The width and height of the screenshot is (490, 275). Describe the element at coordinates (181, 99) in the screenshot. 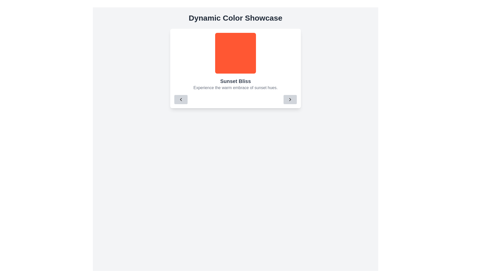

I see `the leftmost button with a grayish background and a black left-facing chevron icon, located within the navigation buttons of the 'Sunset Bliss' card, to change its background color` at that location.